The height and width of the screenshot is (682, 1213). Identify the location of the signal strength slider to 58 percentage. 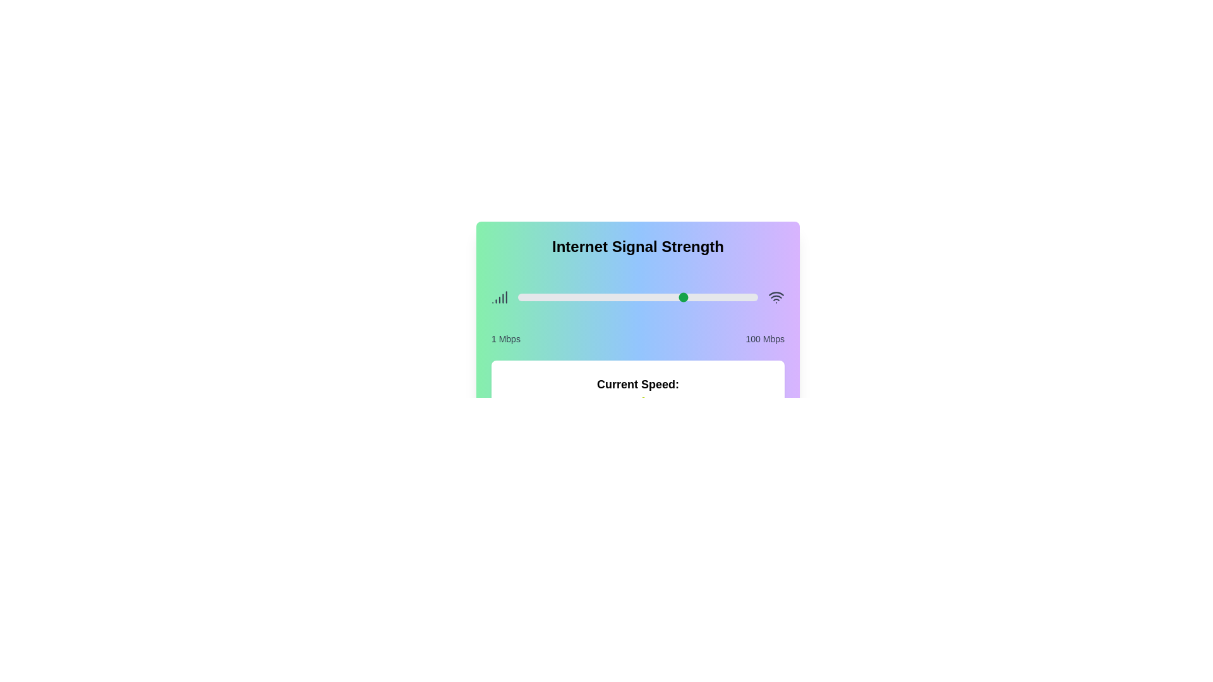
(656, 297).